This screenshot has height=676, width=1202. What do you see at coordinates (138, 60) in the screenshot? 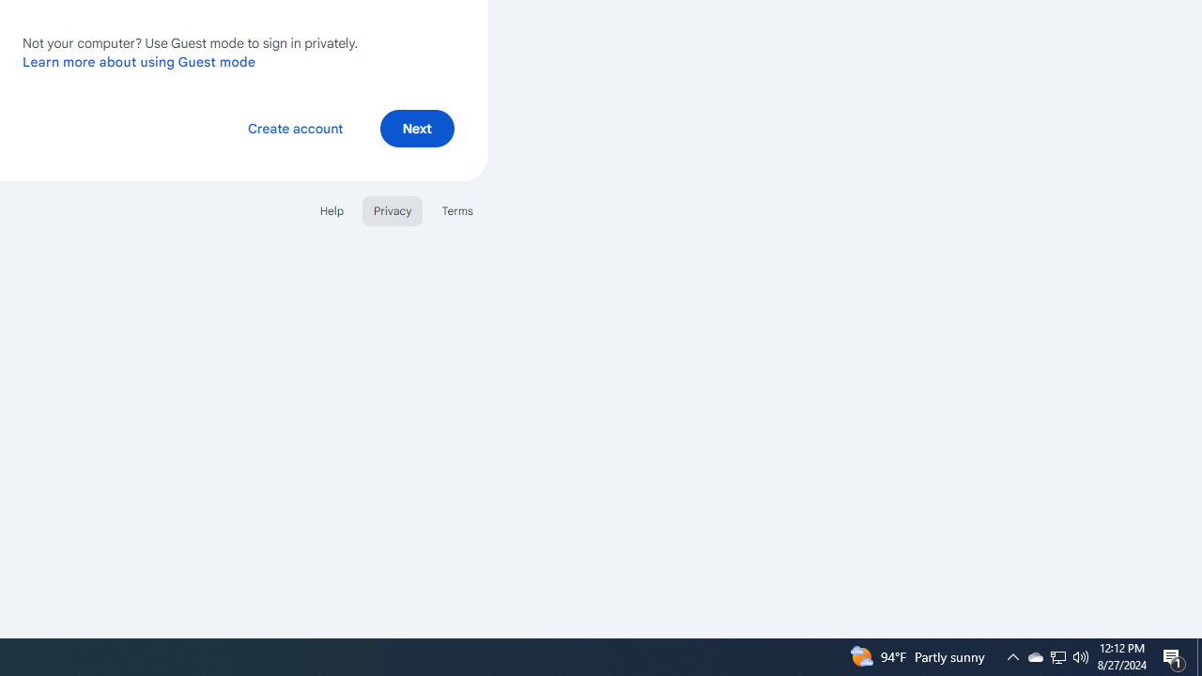
I see `'Learn more about using Guest mode'` at bounding box center [138, 60].